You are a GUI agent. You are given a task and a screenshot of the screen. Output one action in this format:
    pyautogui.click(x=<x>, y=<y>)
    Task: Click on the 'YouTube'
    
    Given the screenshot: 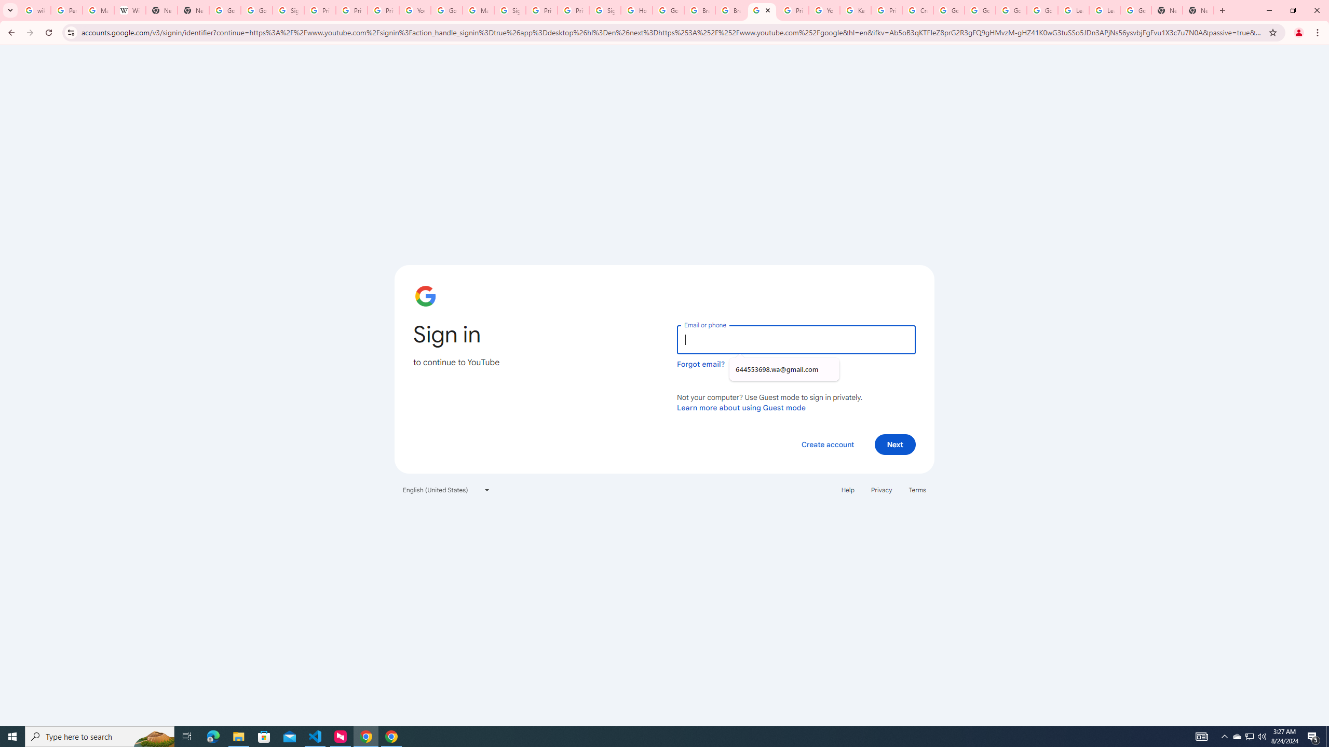 What is the action you would take?
    pyautogui.click(x=824, y=10)
    